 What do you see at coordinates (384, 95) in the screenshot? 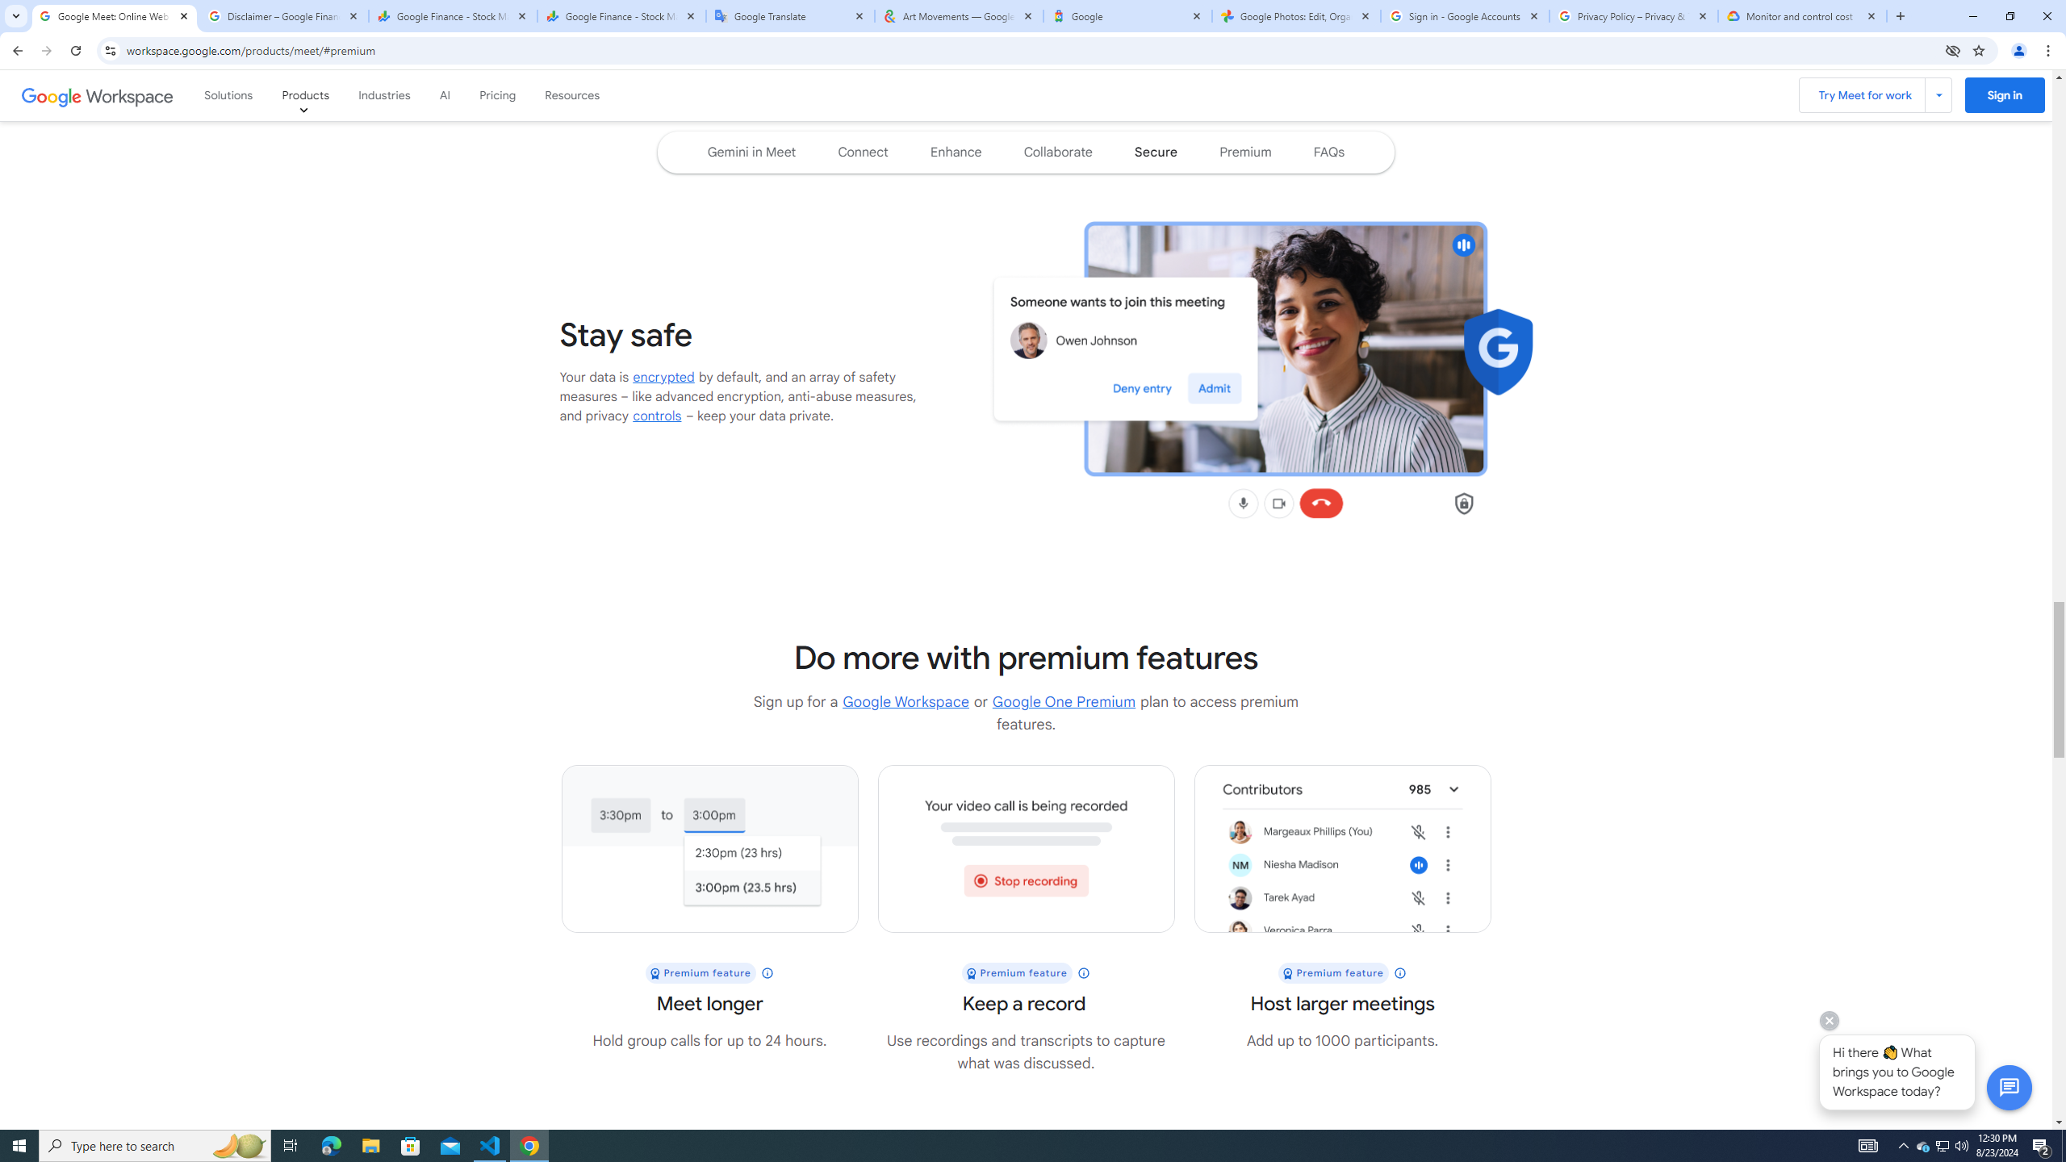
I see `'Industries'` at bounding box center [384, 95].